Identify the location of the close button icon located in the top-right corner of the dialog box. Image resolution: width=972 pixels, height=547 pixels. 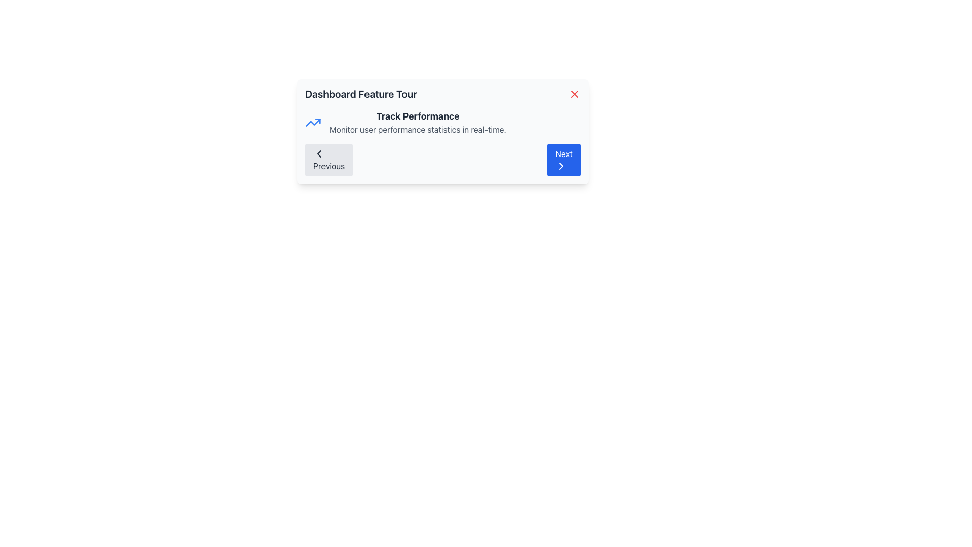
(574, 94).